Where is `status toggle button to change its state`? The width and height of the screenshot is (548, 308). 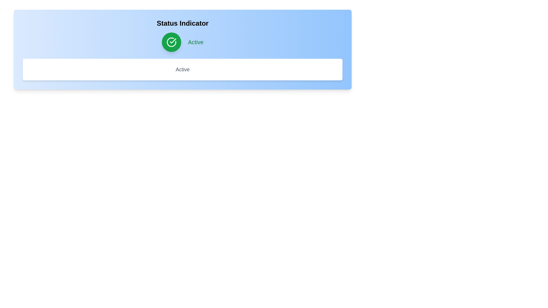 status toggle button to change its state is located at coordinates (171, 42).